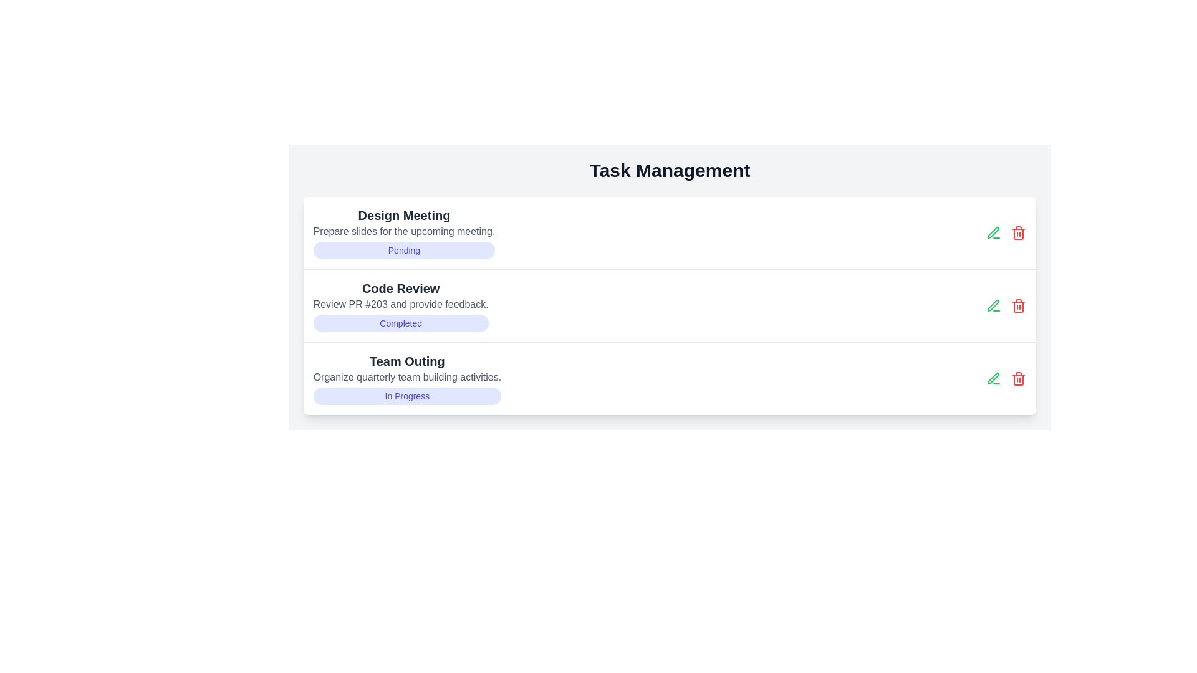 Image resolution: width=1197 pixels, height=673 pixels. I want to click on the third task entry in the 'Task Management' list, so click(407, 378).